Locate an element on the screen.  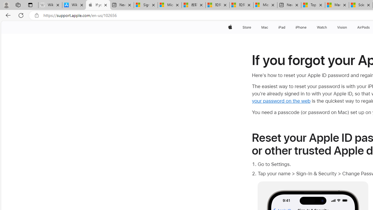
'iPhone menu' is located at coordinates (307, 27).